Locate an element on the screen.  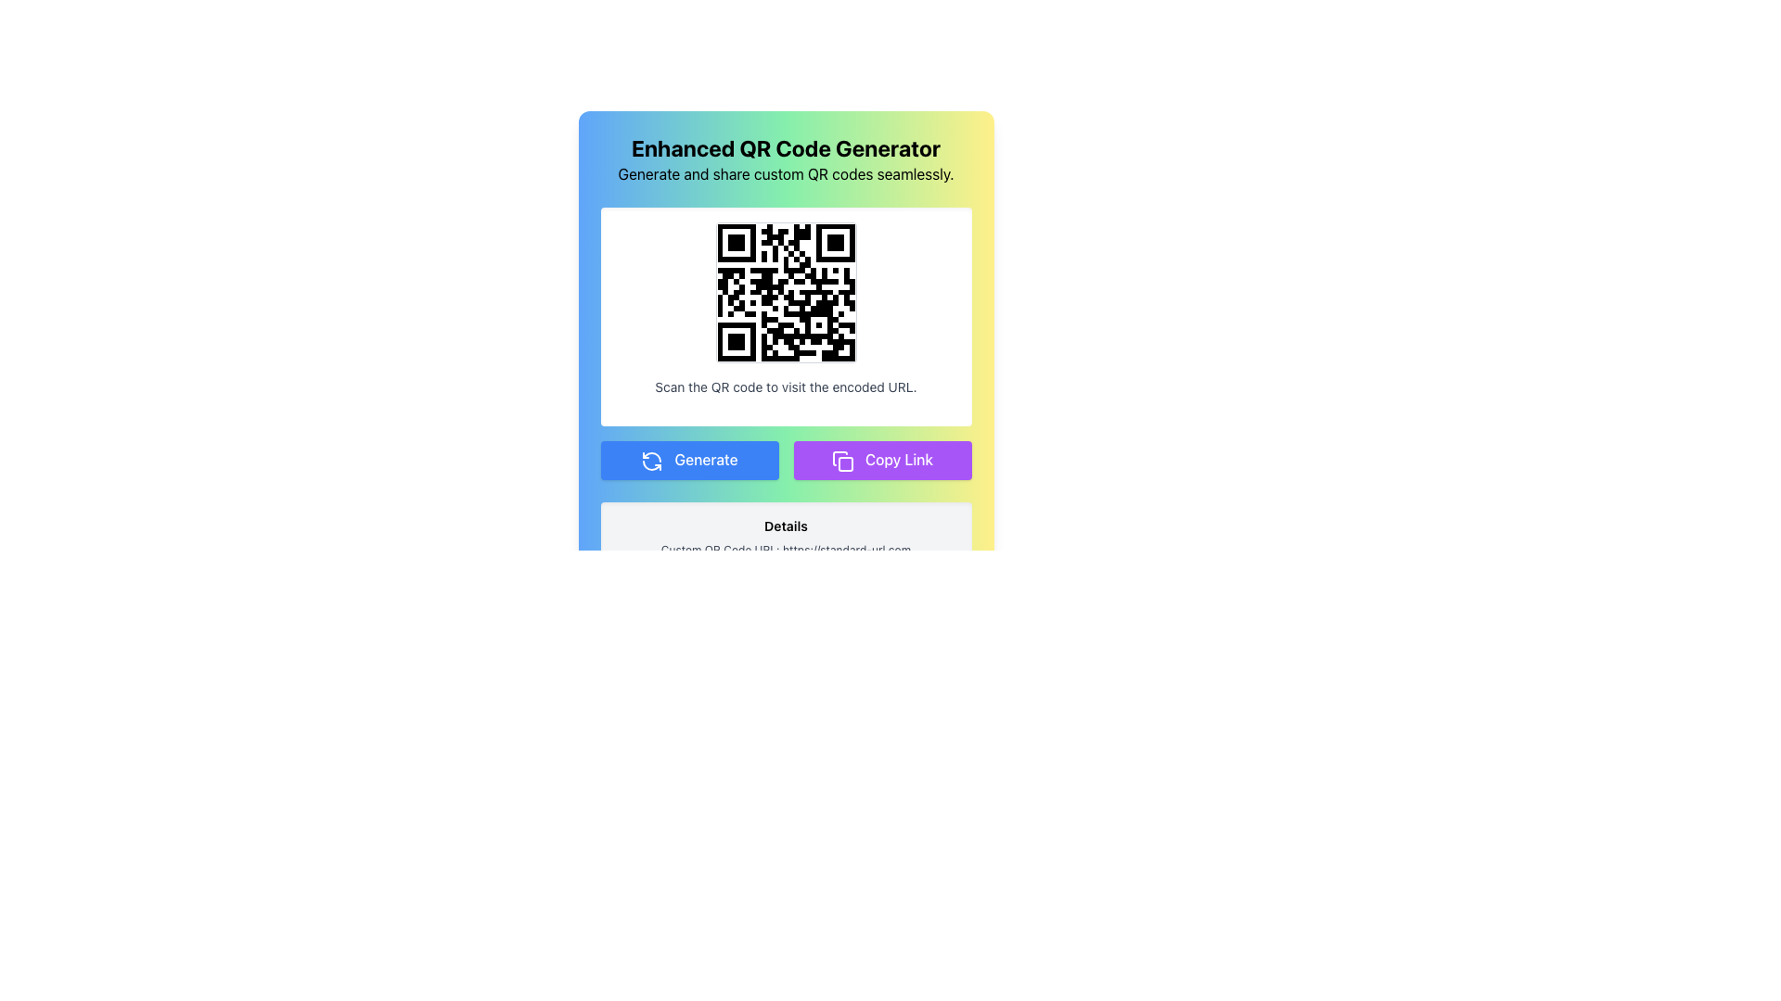
the copy icon located inside the purple 'Copy Link' button, which is positioned below the QR code and next to the green 'Generate' button is located at coordinates (841, 460).